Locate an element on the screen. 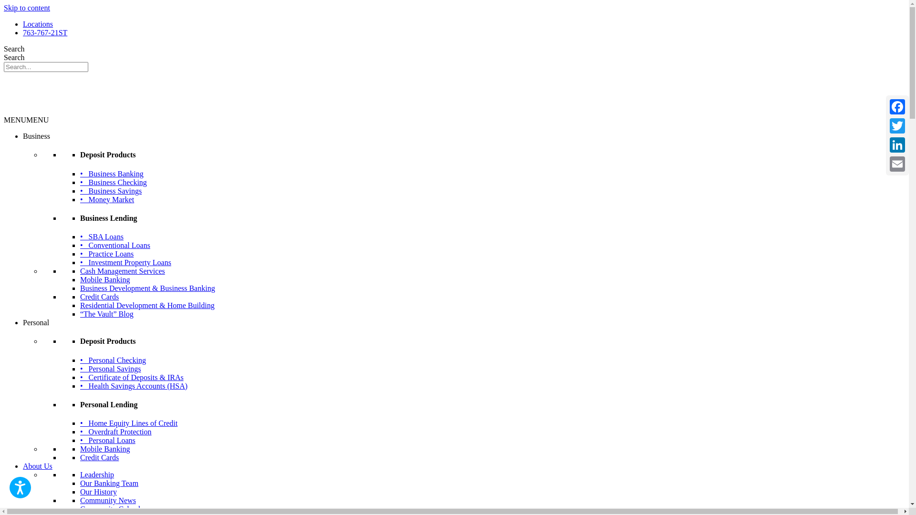 This screenshot has height=515, width=916. 'Leadership' is located at coordinates (97, 474).